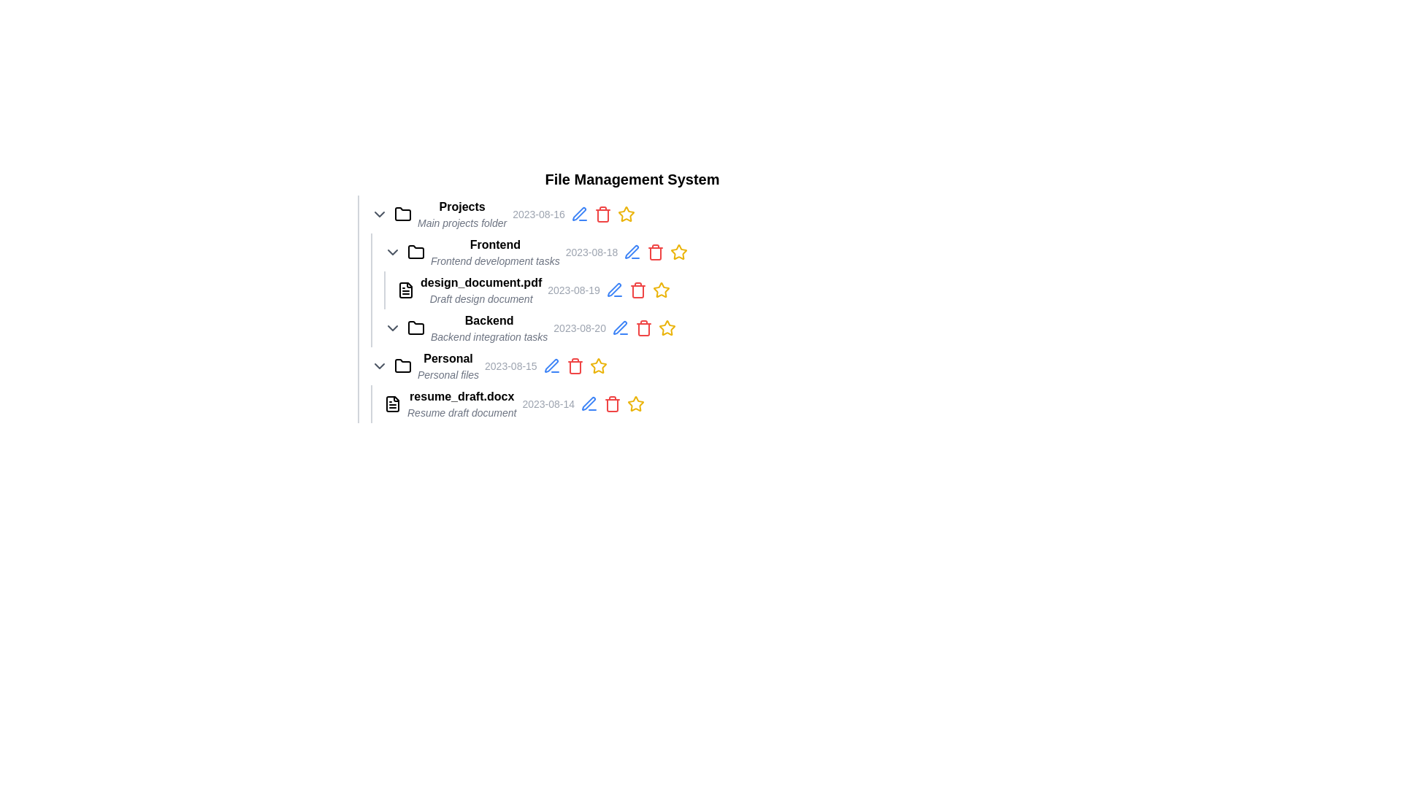  I want to click on the folder icon representing the 'Projects' directory, which is positioned next to the 'Projects' text in the file management interface, so click(403, 214).